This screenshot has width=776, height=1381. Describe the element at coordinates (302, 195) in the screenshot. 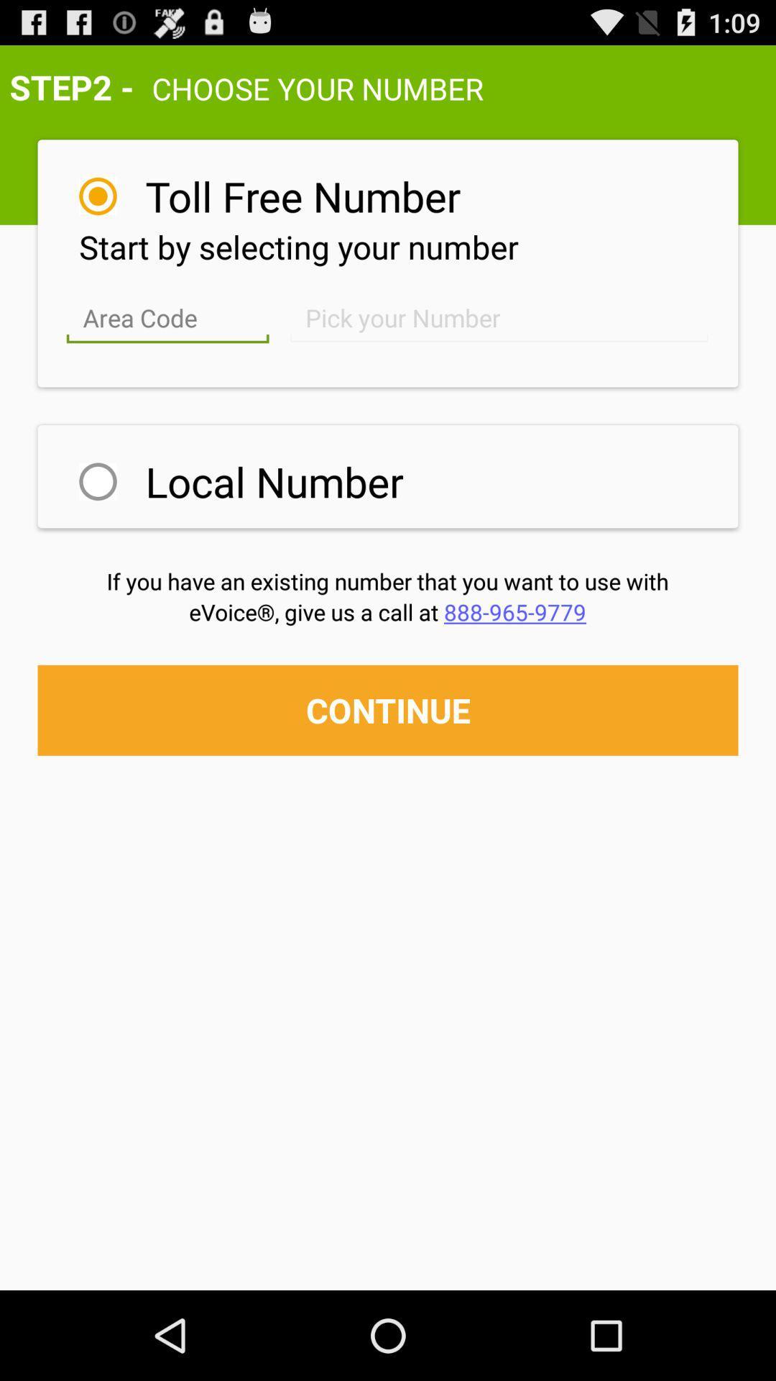

I see `the toll free number item` at that location.